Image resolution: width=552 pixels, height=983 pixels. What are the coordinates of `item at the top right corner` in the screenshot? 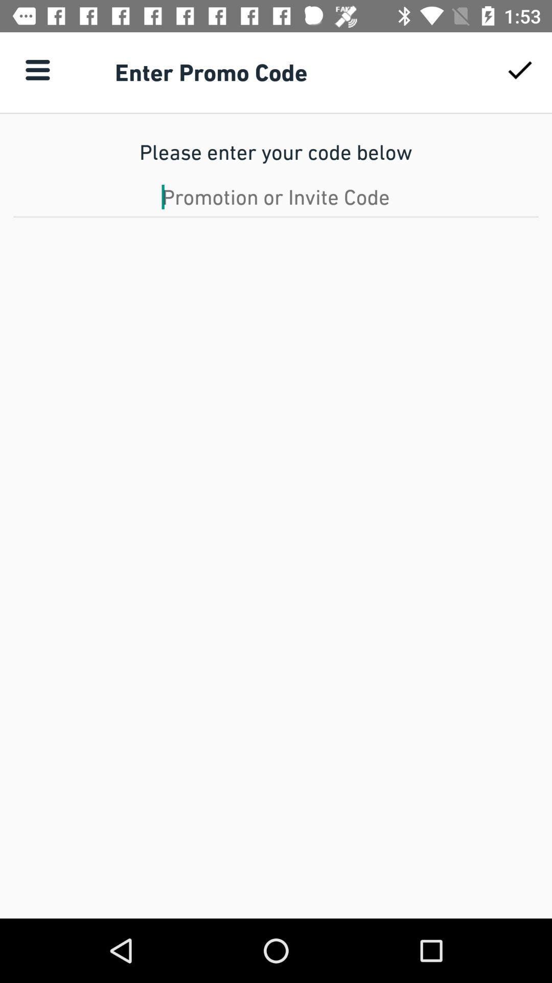 It's located at (520, 69).